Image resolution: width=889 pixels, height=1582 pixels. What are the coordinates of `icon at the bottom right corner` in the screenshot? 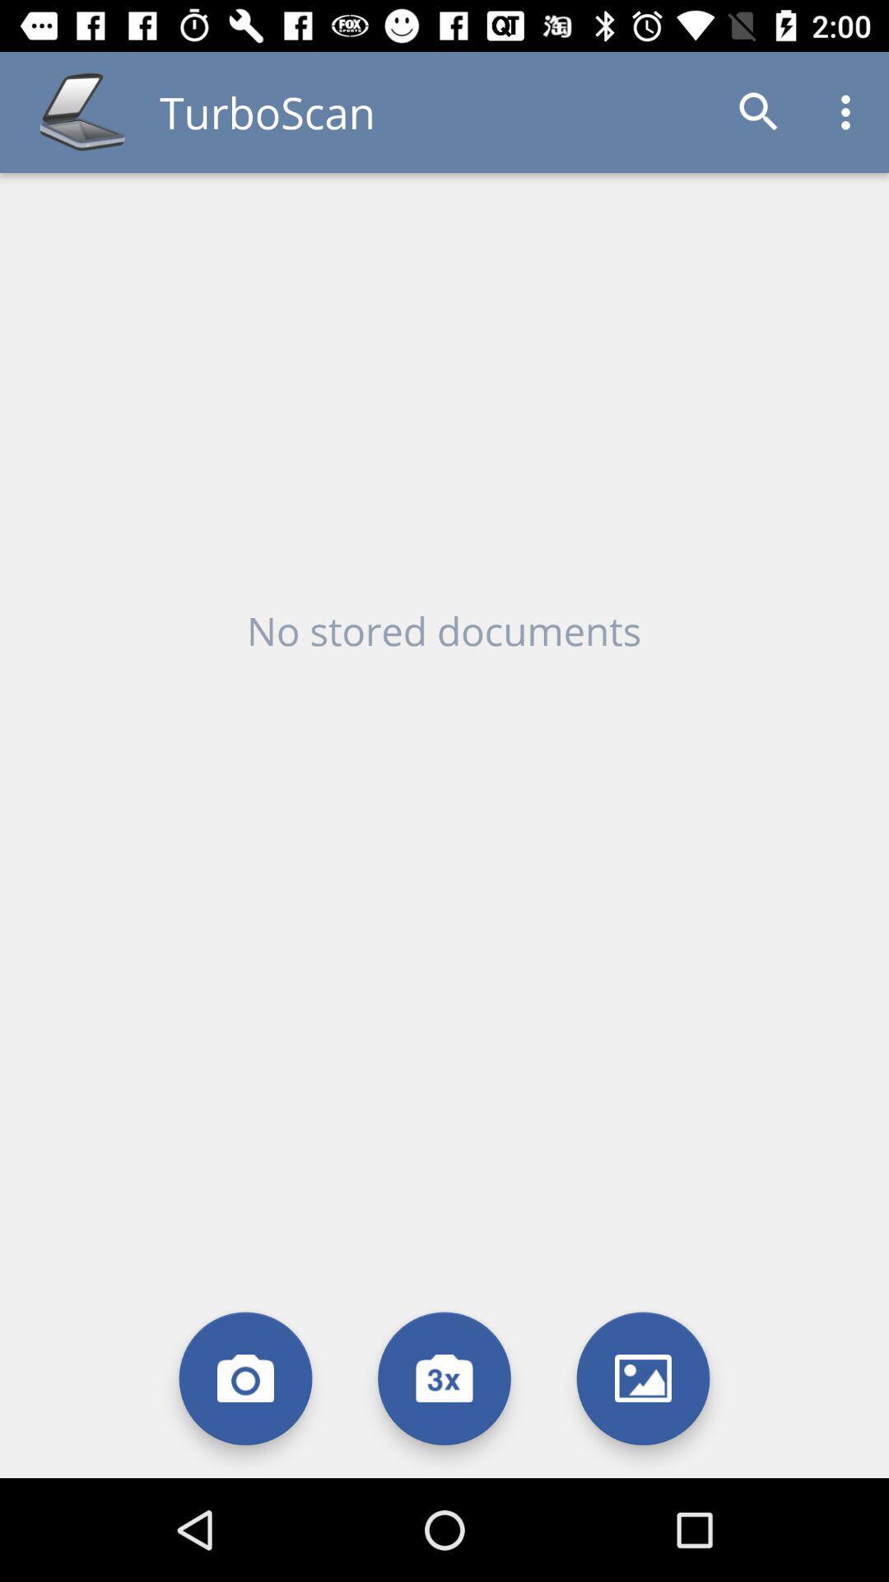 It's located at (642, 1378).